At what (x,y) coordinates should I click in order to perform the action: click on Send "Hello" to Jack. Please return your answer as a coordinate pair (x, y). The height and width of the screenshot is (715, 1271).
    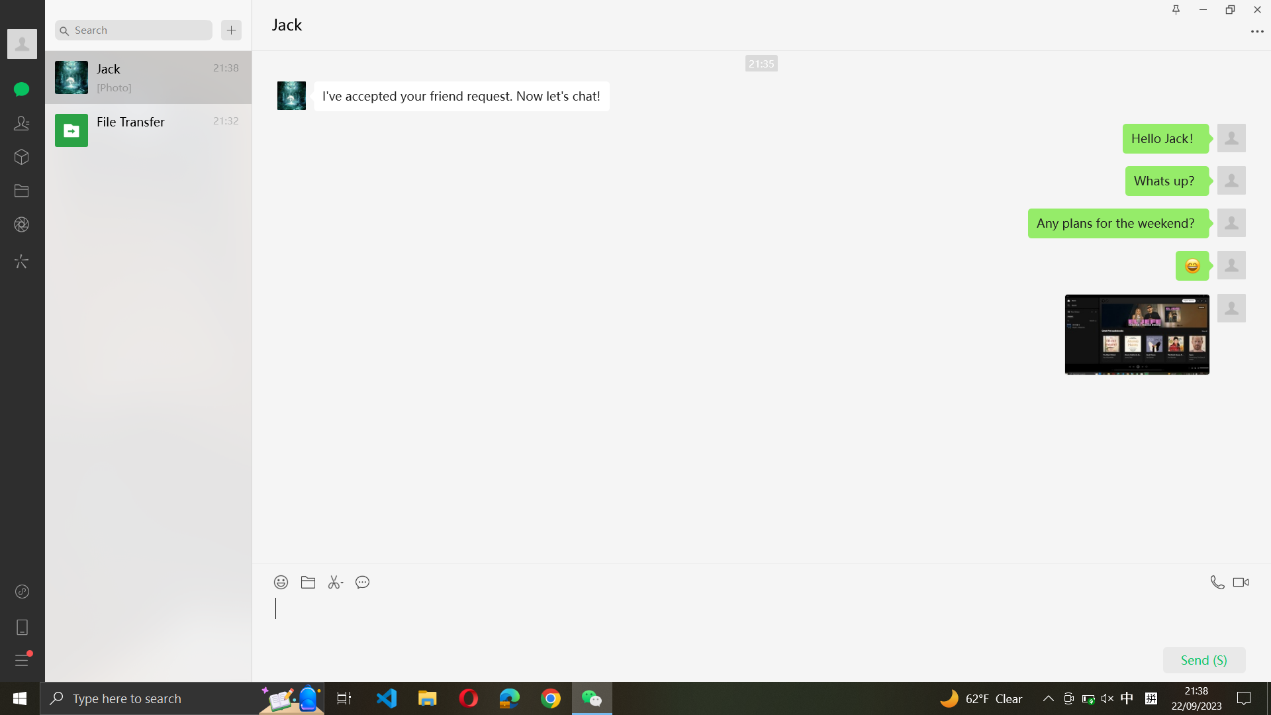
    Looking at the image, I should click on (759, 636).